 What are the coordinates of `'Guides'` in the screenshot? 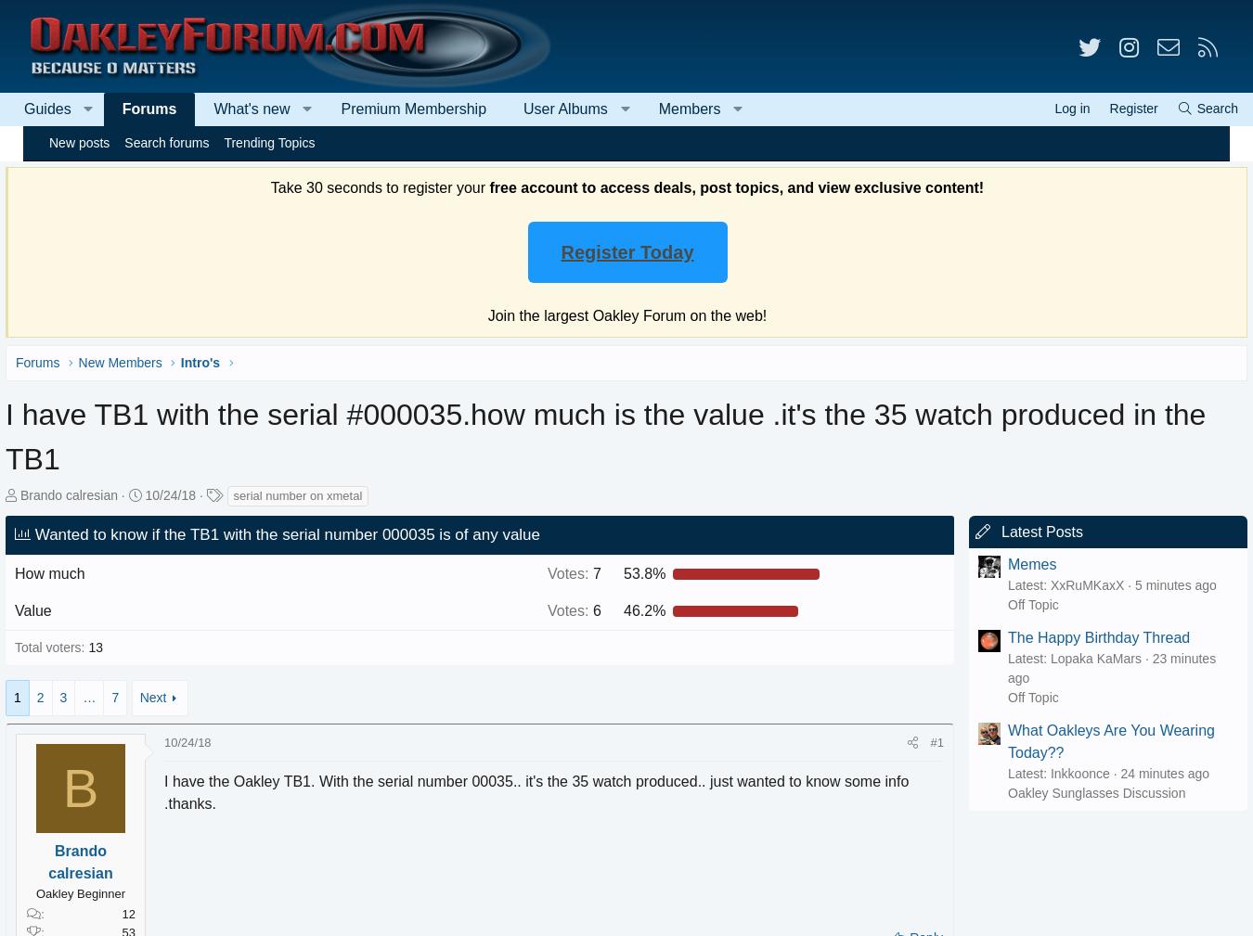 It's located at (70, 107).